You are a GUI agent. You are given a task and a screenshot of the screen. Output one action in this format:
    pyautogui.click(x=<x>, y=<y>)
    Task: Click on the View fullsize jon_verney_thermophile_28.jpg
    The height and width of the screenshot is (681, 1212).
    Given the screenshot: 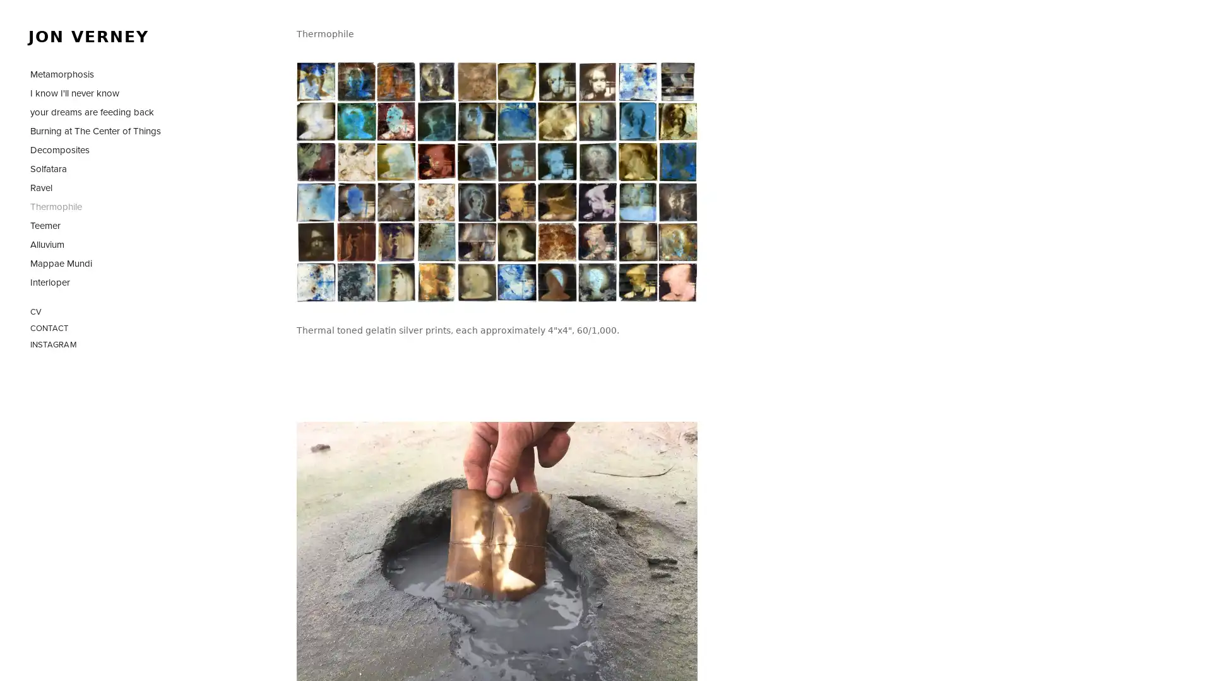 What is the action you would take?
    pyautogui.click(x=316, y=121)
    